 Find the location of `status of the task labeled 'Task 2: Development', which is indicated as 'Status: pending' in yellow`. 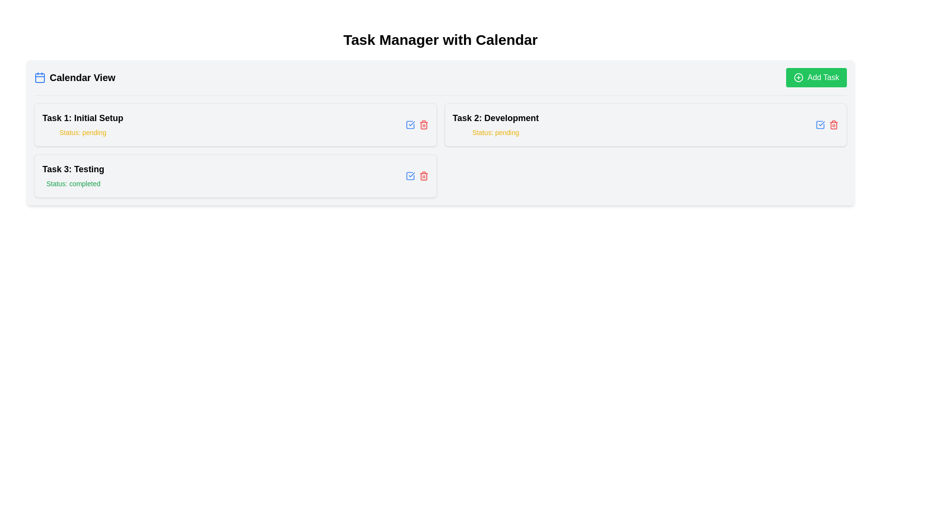

status of the task labeled 'Task 2: Development', which is indicated as 'Status: pending' in yellow is located at coordinates (495, 124).